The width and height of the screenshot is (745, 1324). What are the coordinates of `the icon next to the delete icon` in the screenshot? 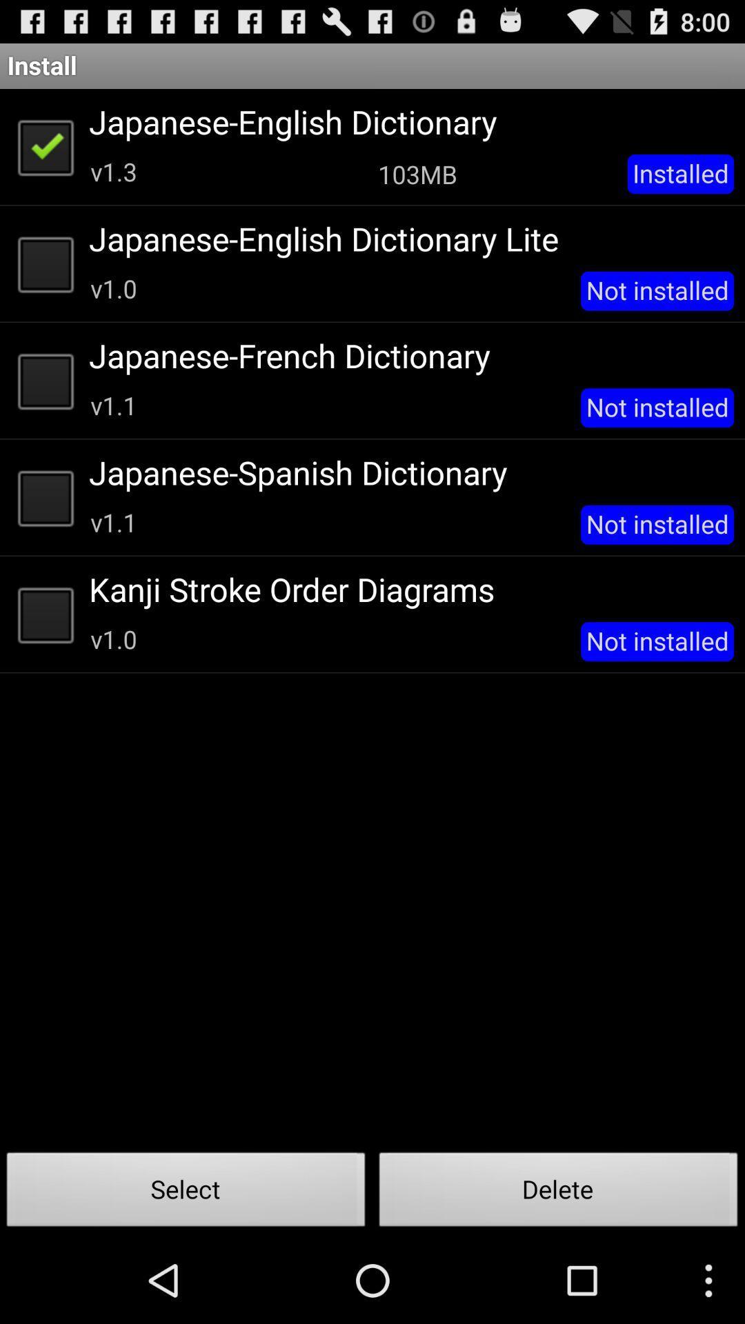 It's located at (186, 1193).